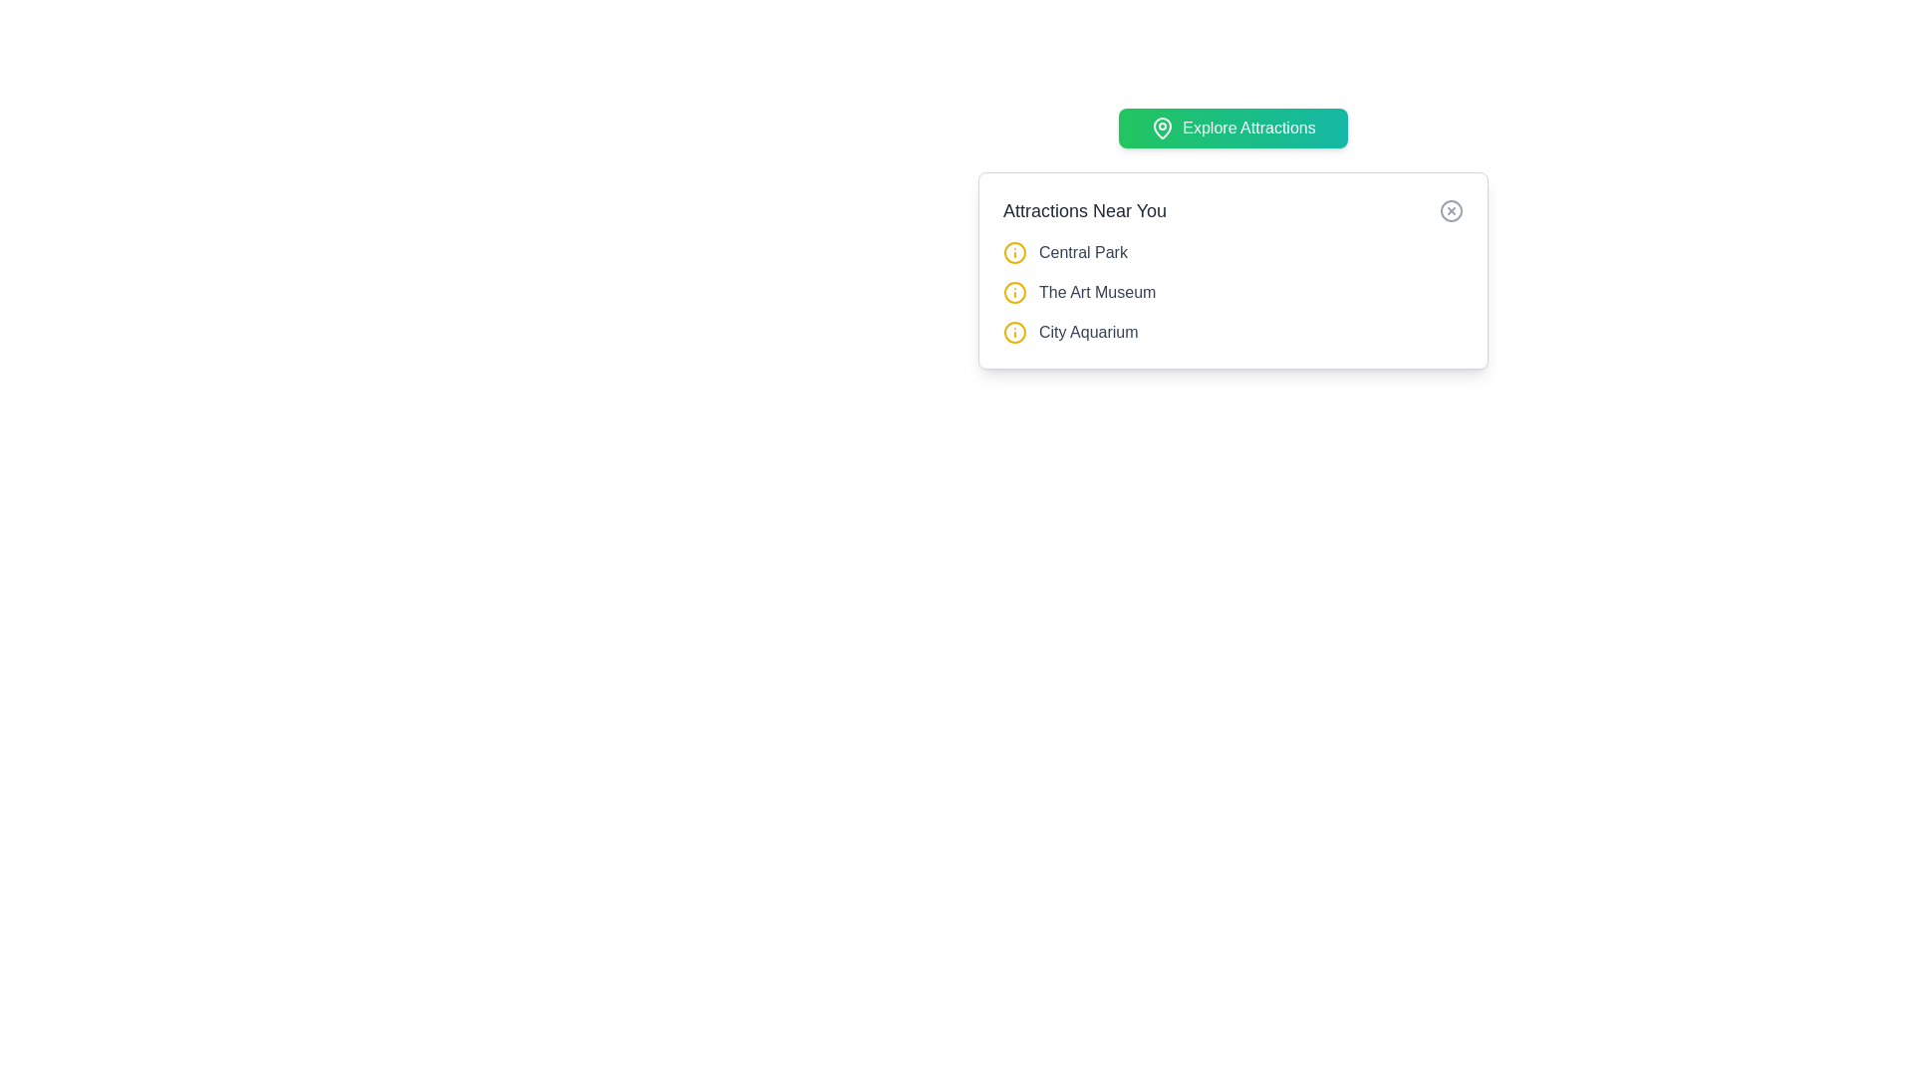 The height and width of the screenshot is (1076, 1913). What do you see at coordinates (1014, 332) in the screenshot?
I see `the circular icon with a yellow border that represents an information indicator, located to the left of the text 'City Aquarium'` at bounding box center [1014, 332].